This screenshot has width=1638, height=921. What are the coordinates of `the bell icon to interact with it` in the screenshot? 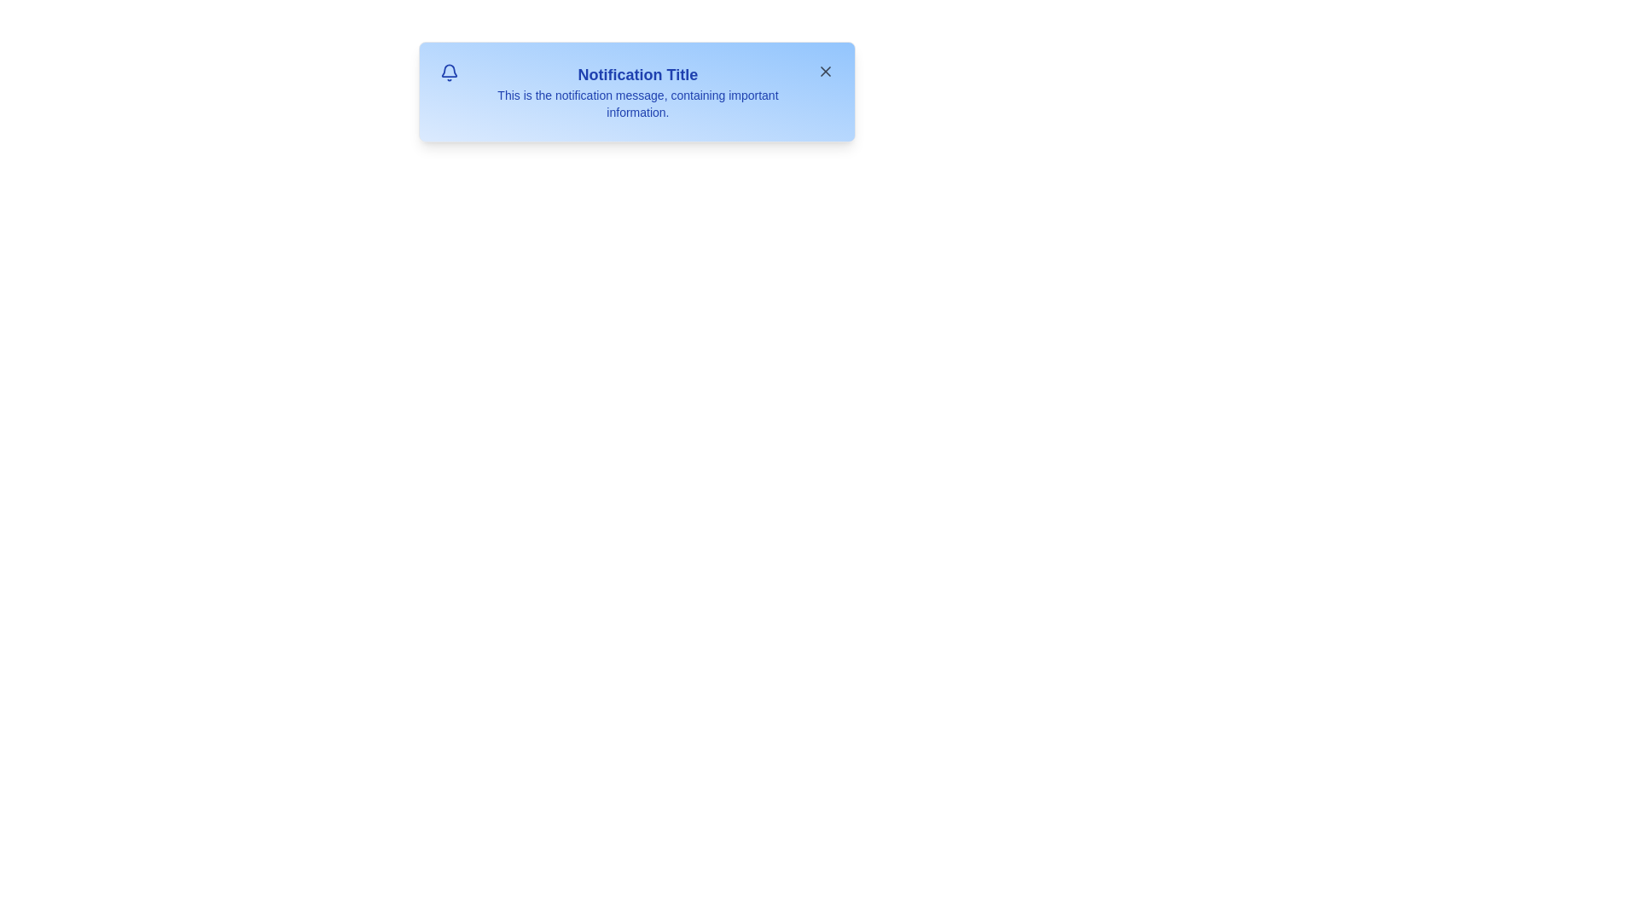 It's located at (449, 72).